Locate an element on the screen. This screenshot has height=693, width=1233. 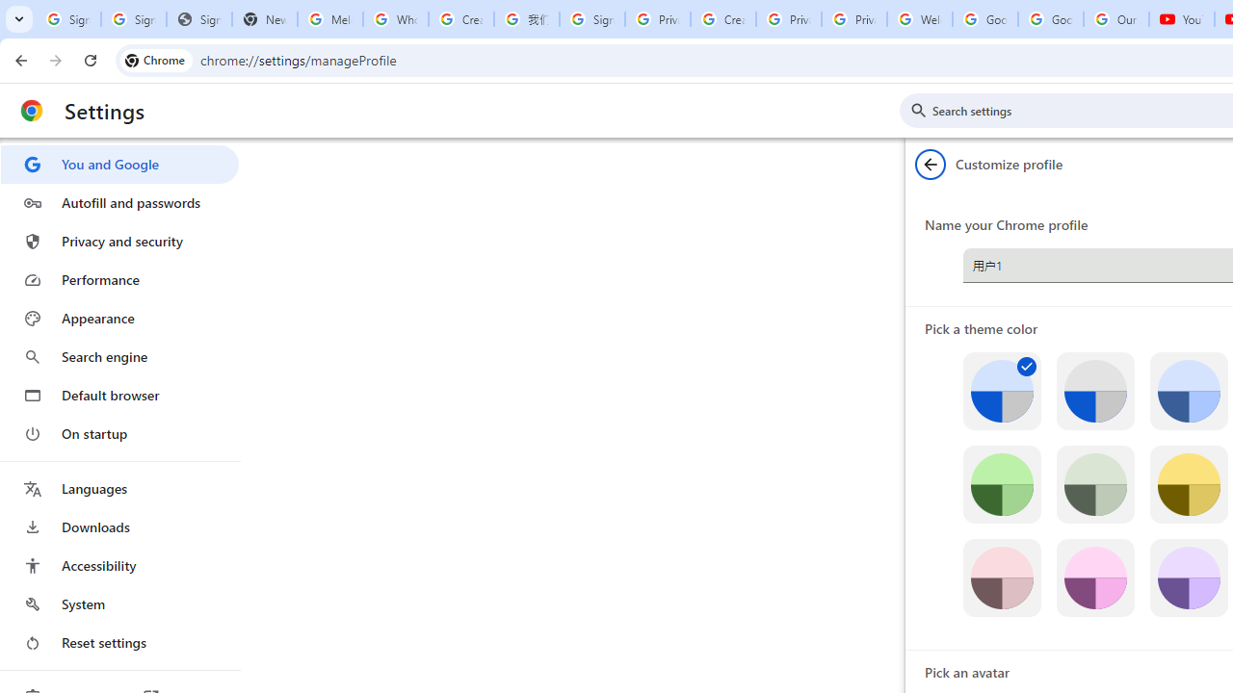
'Appearance' is located at coordinates (118, 318).